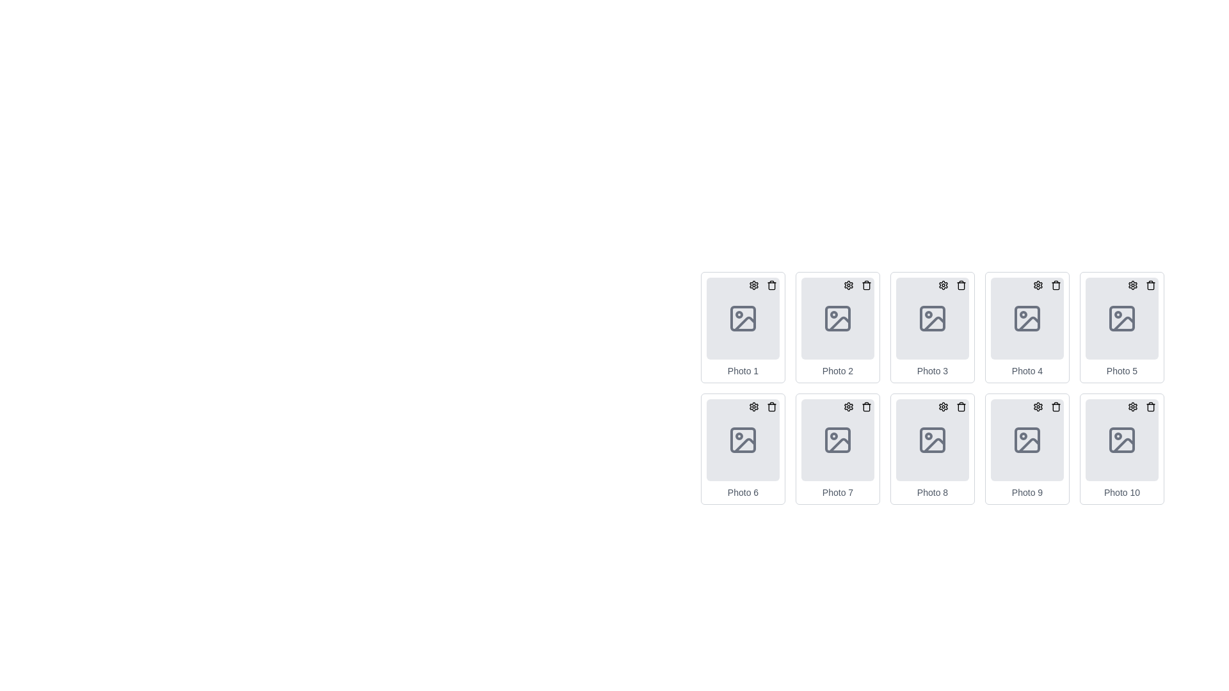 The image size is (1229, 691). I want to click on the gear icon in the 'Photo 6' area, so click(753, 285).